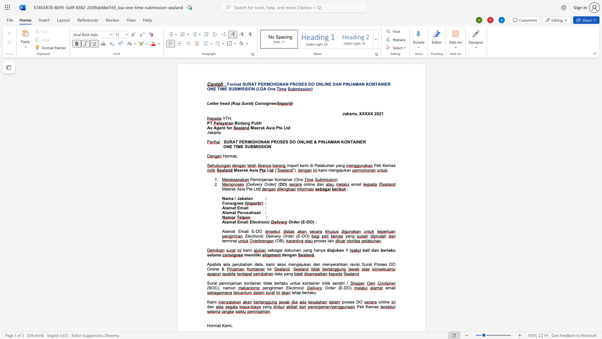  What do you see at coordinates (225, 231) in the screenshot?
I see `the subset text "lamat Email E-D" within the text "Alamat Email E-DO"` at bounding box center [225, 231].